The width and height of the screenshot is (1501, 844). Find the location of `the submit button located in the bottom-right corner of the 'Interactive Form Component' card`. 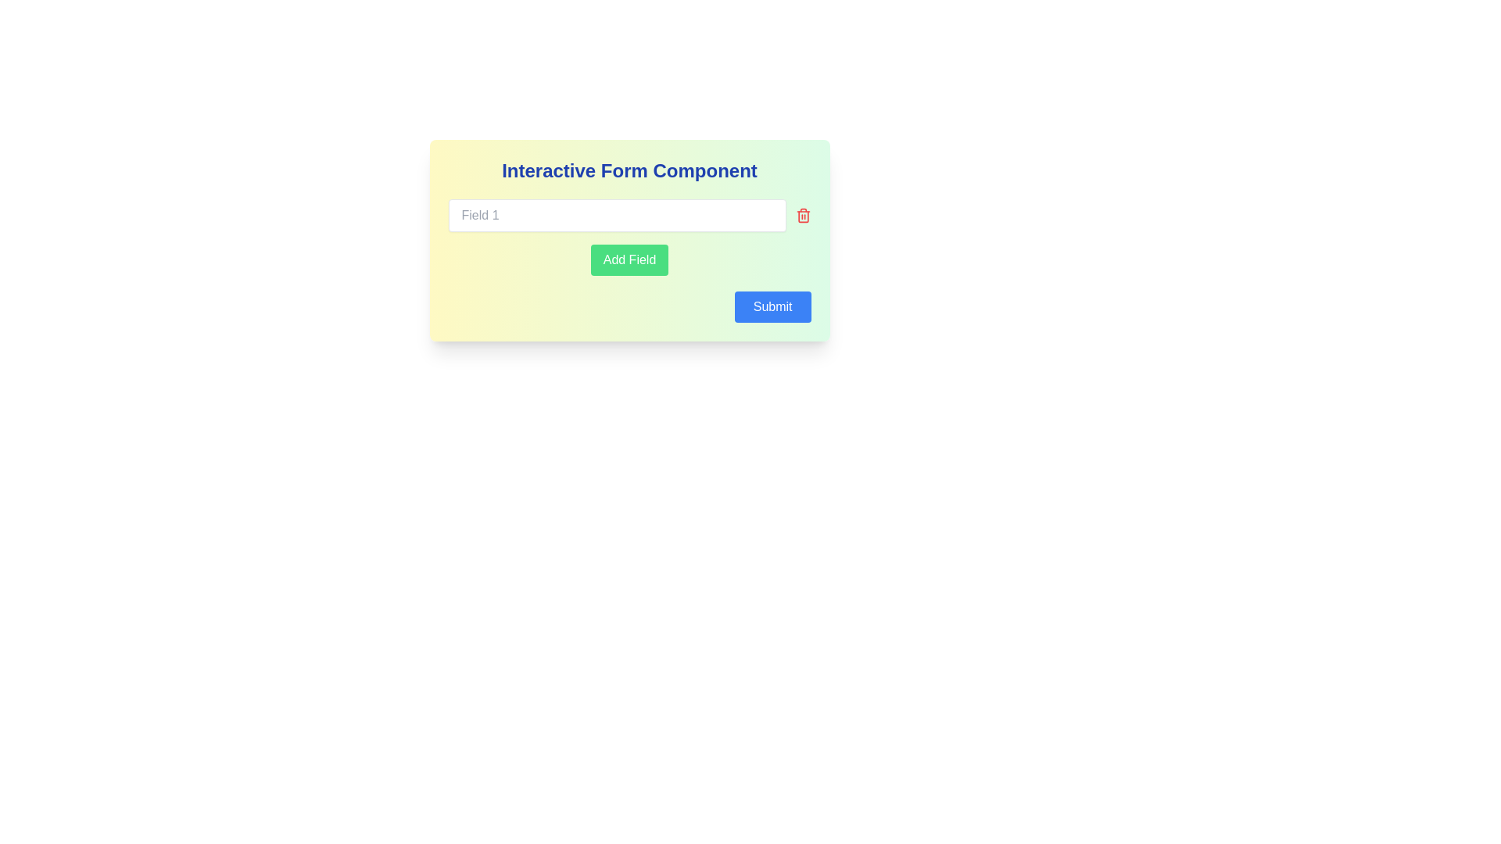

the submit button located in the bottom-right corner of the 'Interactive Form Component' card is located at coordinates (772, 307).